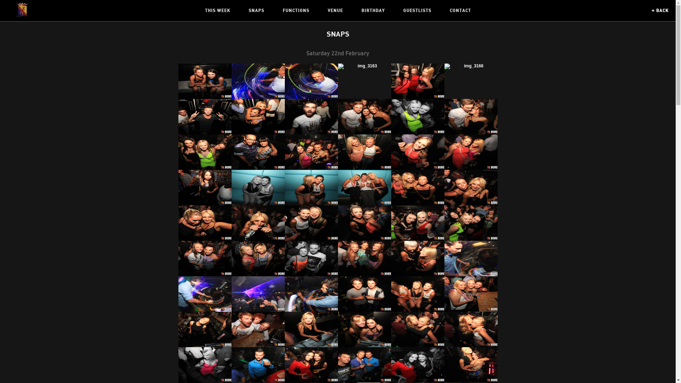  What do you see at coordinates (391, 116) in the screenshot?
I see `' '` at bounding box center [391, 116].